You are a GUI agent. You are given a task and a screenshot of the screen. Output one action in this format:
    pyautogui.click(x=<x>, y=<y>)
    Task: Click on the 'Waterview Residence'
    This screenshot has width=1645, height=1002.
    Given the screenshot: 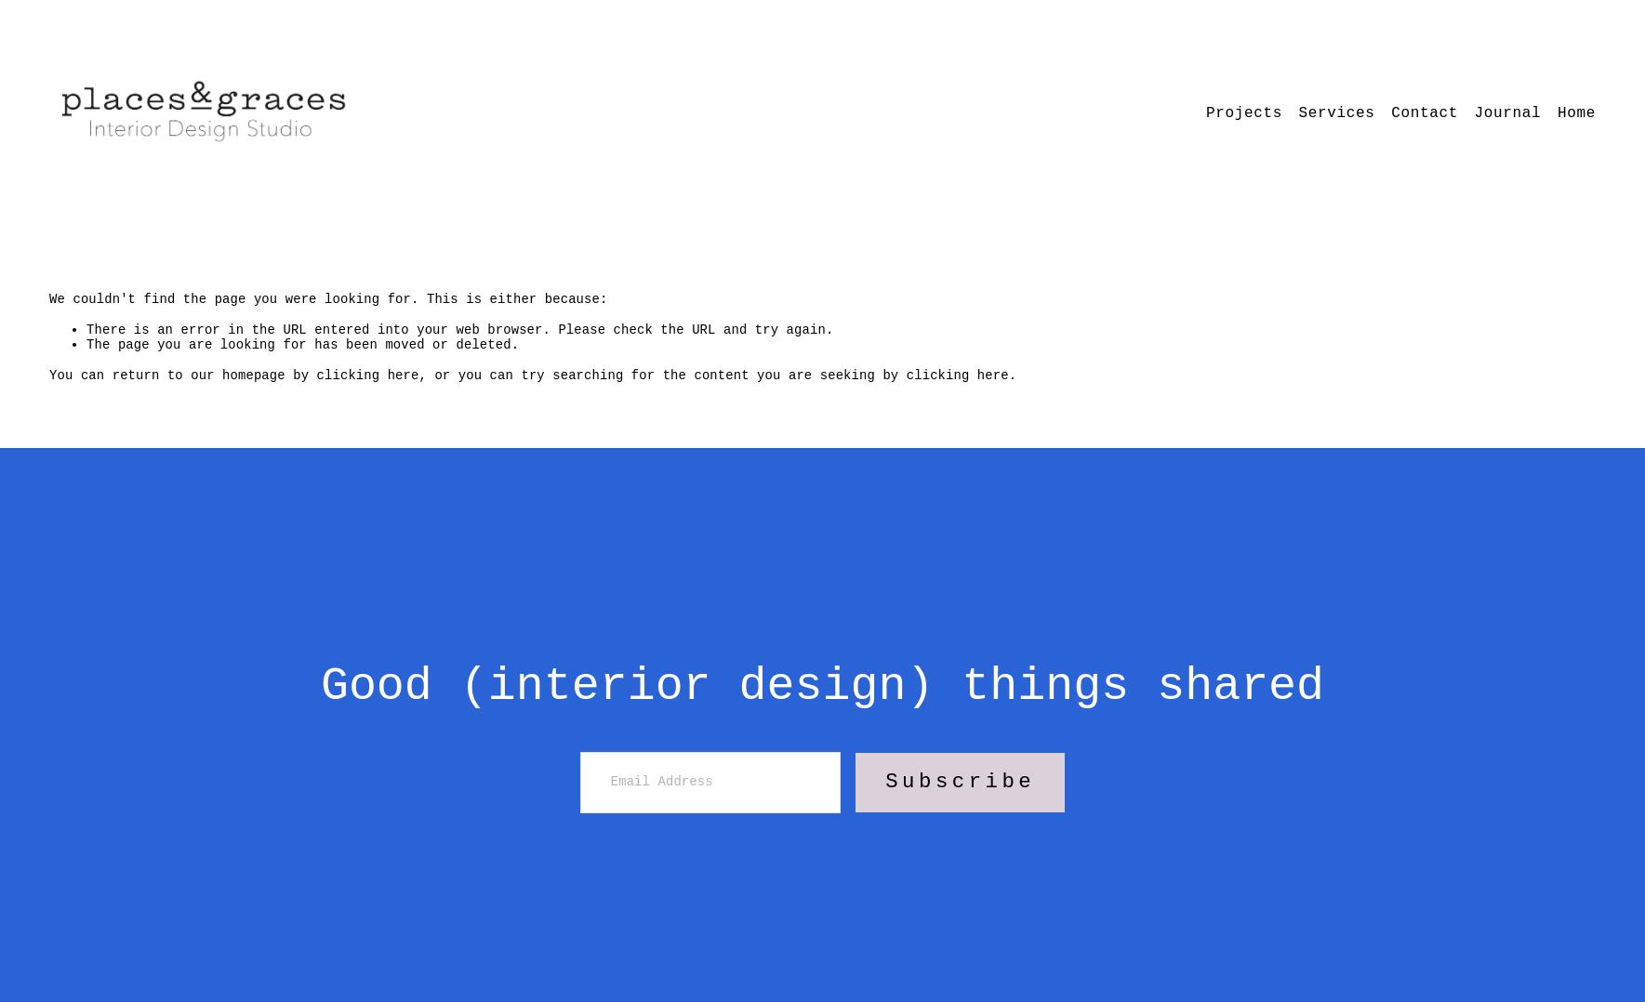 What is the action you would take?
    pyautogui.click(x=1190, y=143)
    